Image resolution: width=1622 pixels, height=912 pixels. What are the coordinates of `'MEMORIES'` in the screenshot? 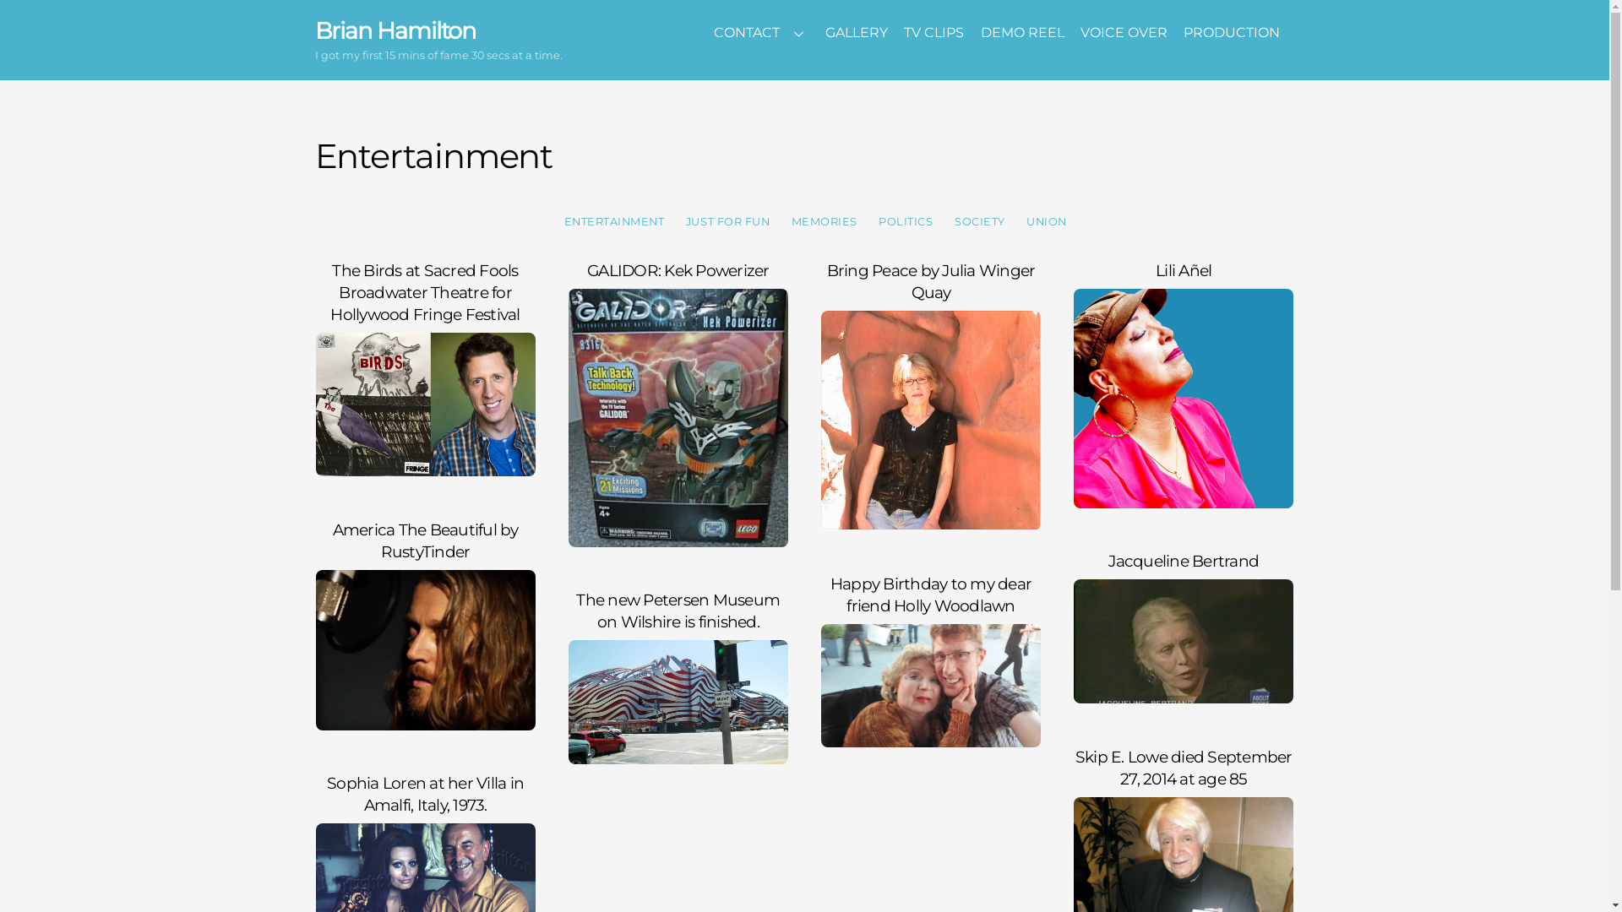 It's located at (780, 220).